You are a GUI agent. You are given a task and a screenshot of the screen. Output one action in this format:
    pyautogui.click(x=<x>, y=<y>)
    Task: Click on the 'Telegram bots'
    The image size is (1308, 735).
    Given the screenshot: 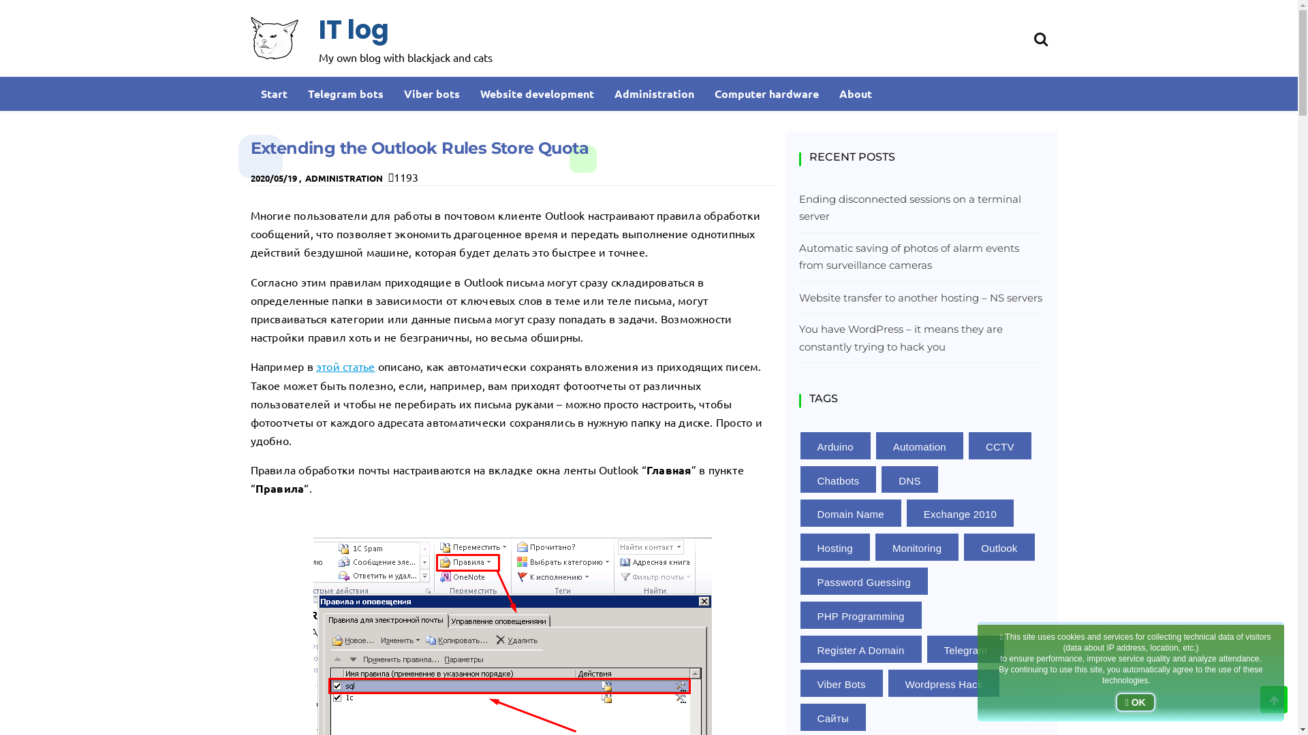 What is the action you would take?
    pyautogui.click(x=345, y=93)
    